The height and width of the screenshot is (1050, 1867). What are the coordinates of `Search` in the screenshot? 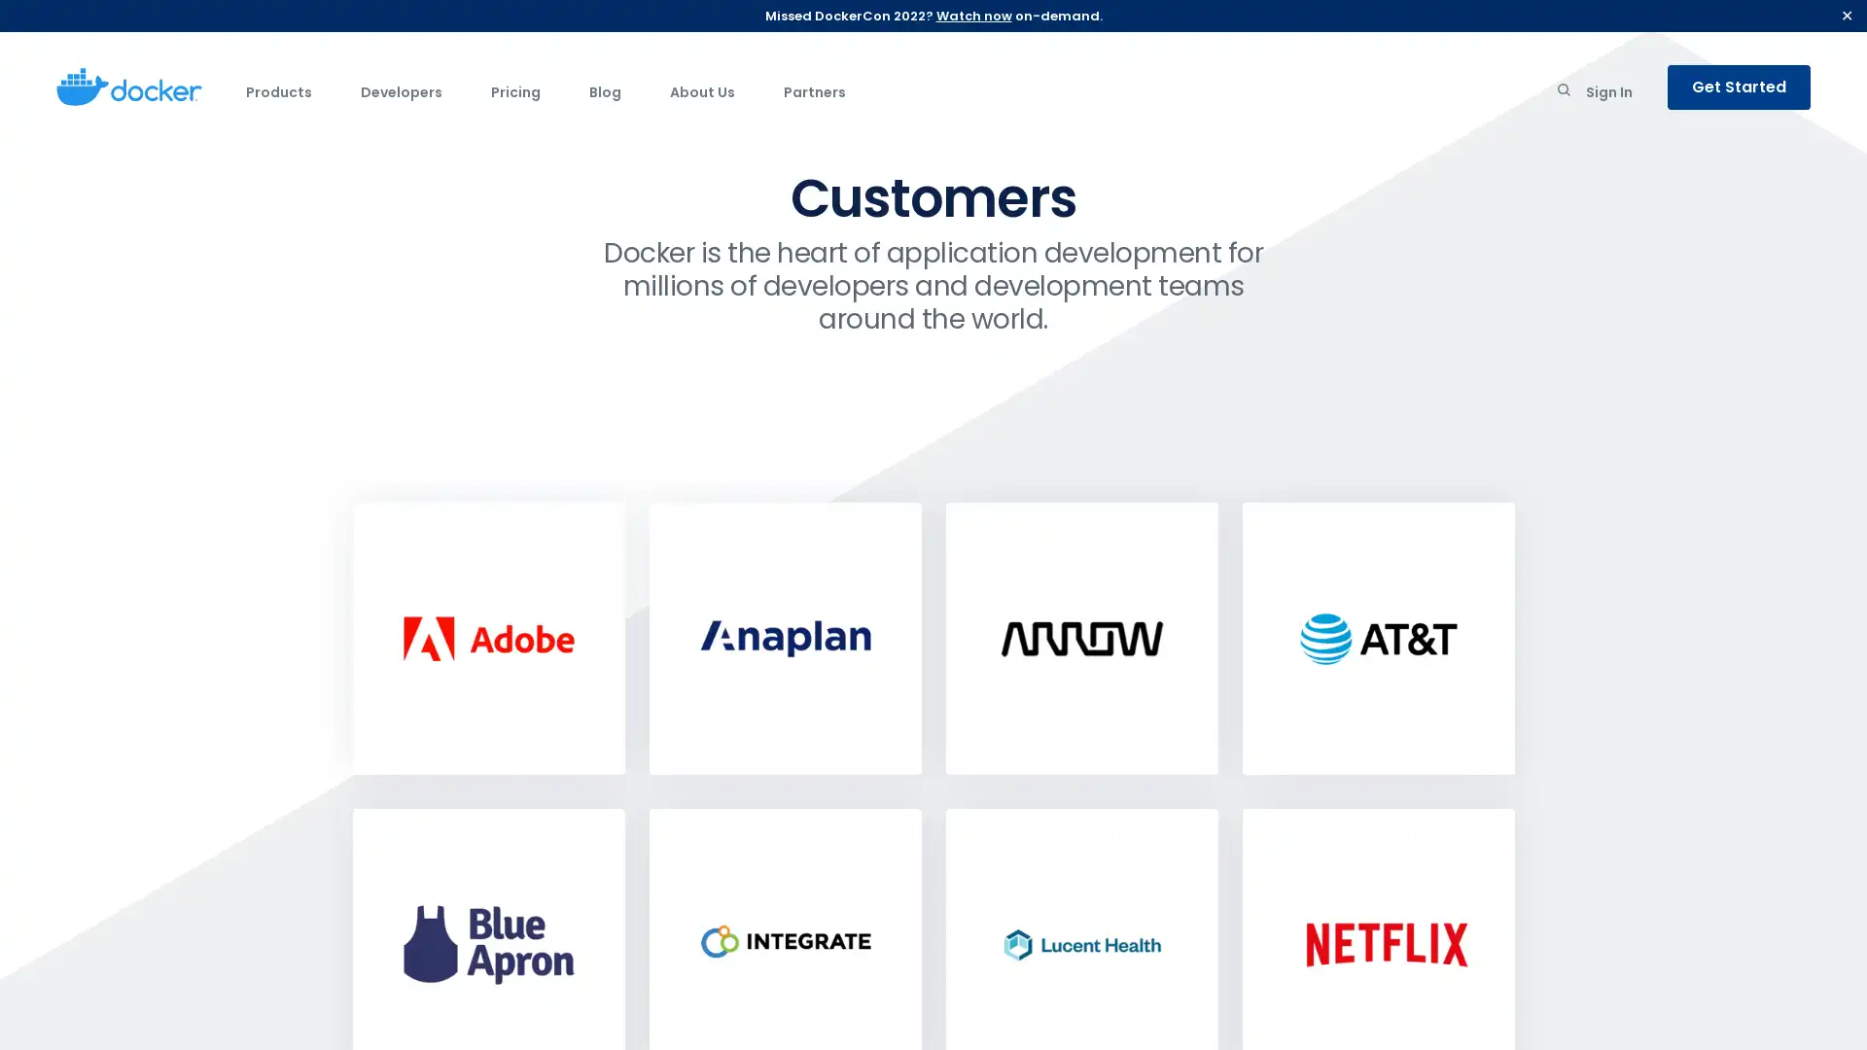 It's located at (1564, 93).